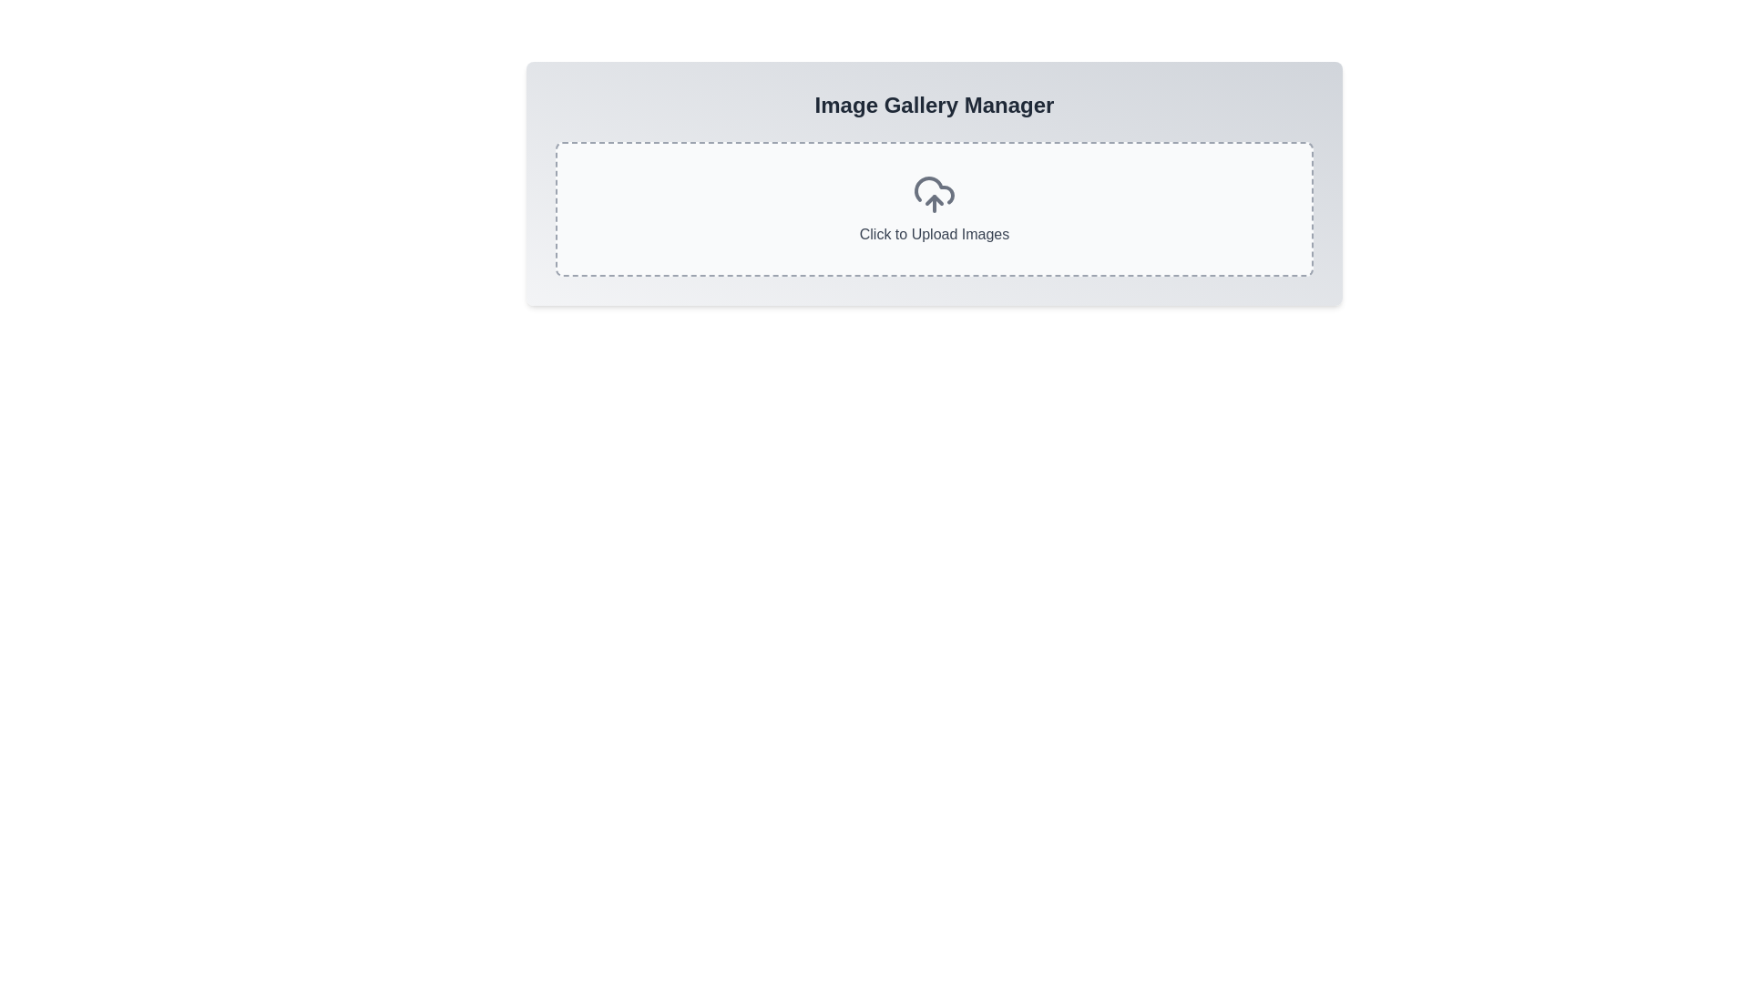 Image resolution: width=1749 pixels, height=983 pixels. Describe the element at coordinates (935, 194) in the screenshot. I see `the upload icon, which is a gray cloud outline with an upward-pointing arrow, located in the middle of a dashed box above the text 'Click to Upload Images'` at that location.